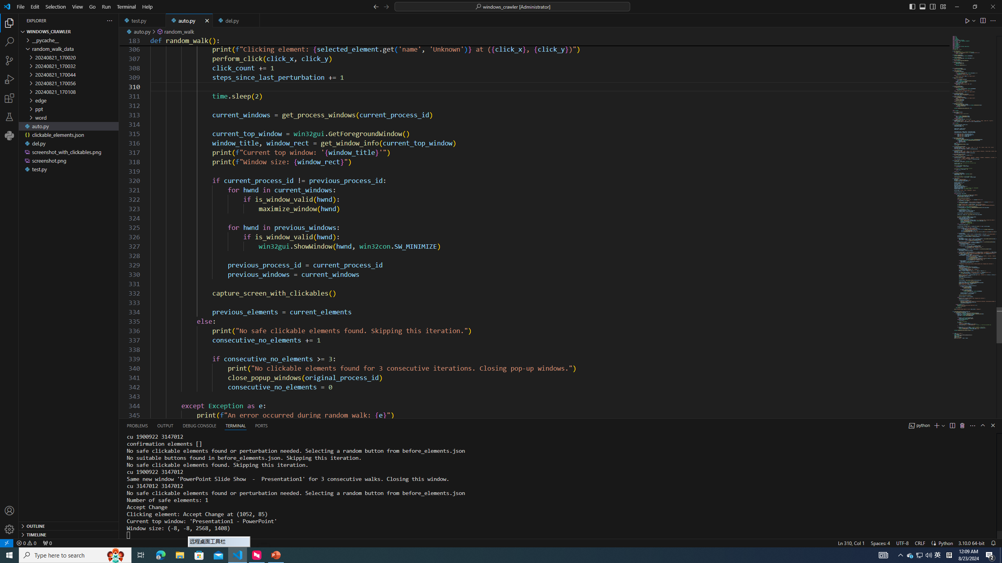 This screenshot has width=1002, height=563. What do you see at coordinates (952, 425) in the screenshot?
I see `'Split Terminal (Ctrl+Shift+5)'` at bounding box center [952, 425].